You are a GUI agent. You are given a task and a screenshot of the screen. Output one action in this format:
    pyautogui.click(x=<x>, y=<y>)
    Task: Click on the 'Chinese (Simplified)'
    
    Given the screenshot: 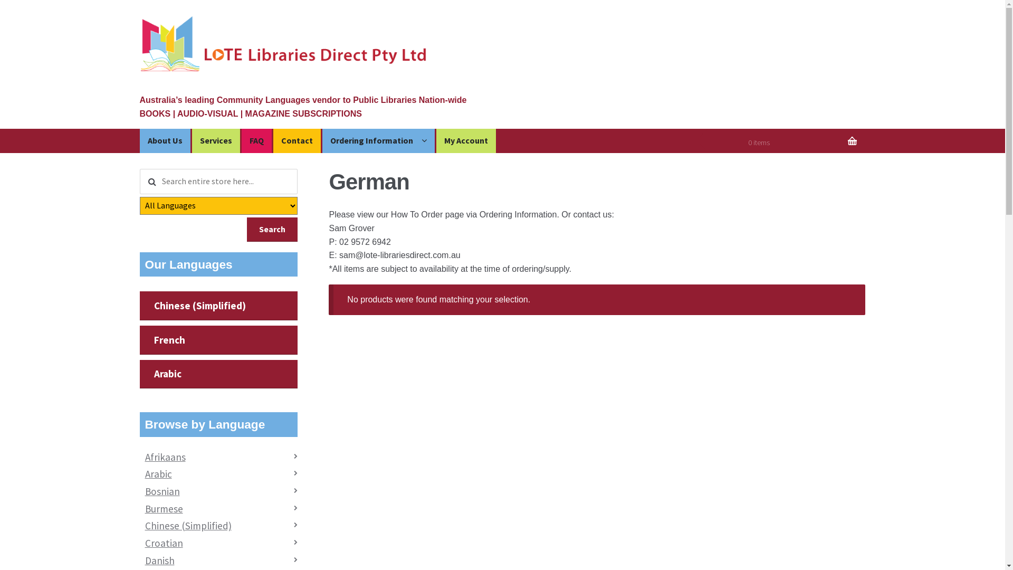 What is the action you would take?
    pyautogui.click(x=218, y=306)
    